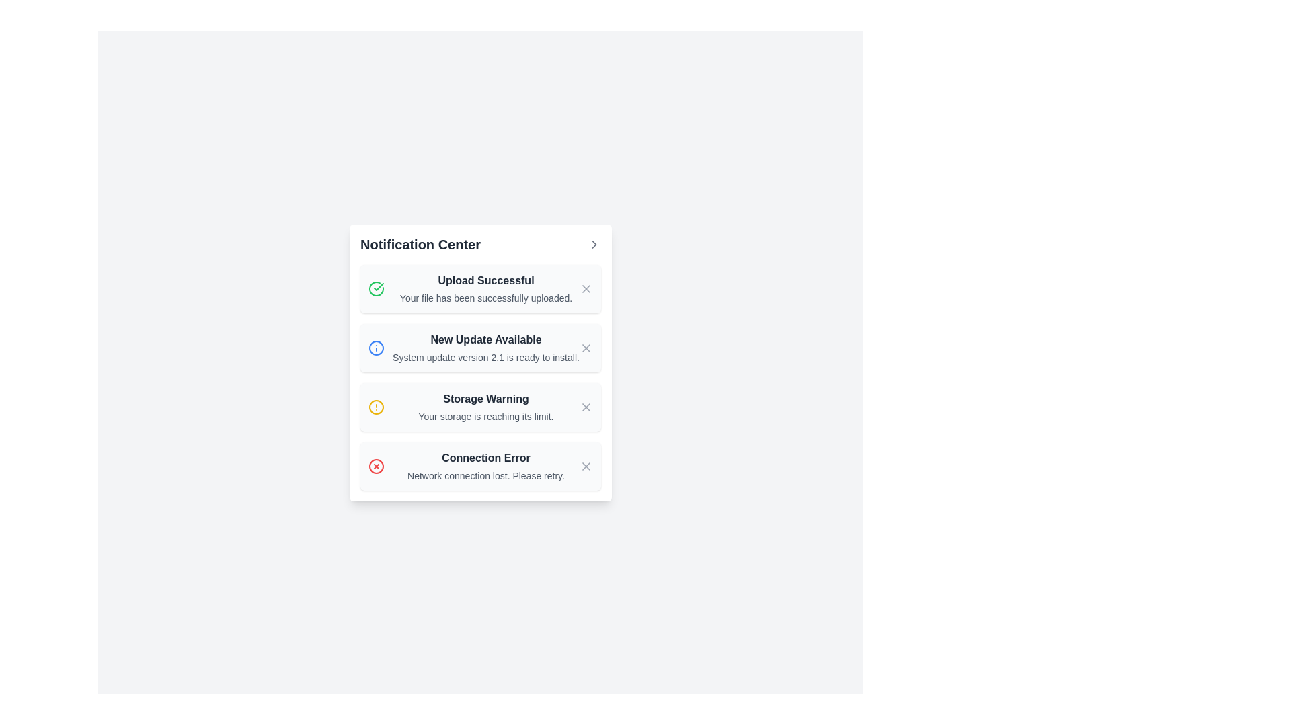 Image resolution: width=1291 pixels, height=726 pixels. What do you see at coordinates (485, 356) in the screenshot?
I see `the descriptive text label located immediately below the title 'New Update Available' in the second notification block of the Notification Center` at bounding box center [485, 356].